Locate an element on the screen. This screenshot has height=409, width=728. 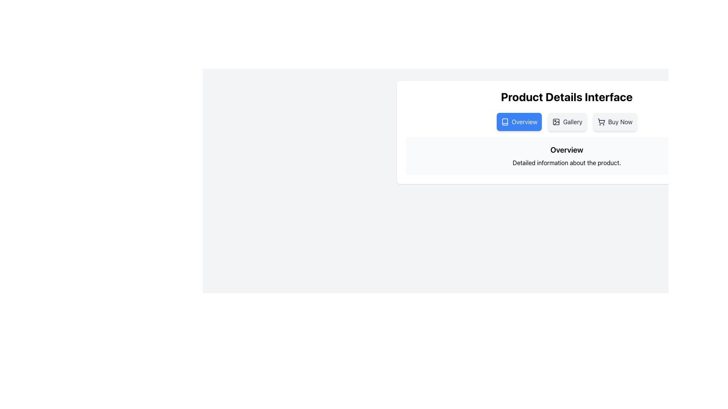
the icon embedded in the 'Overview' button, which visually enhances the button and is located on its left side is located at coordinates (505, 121).